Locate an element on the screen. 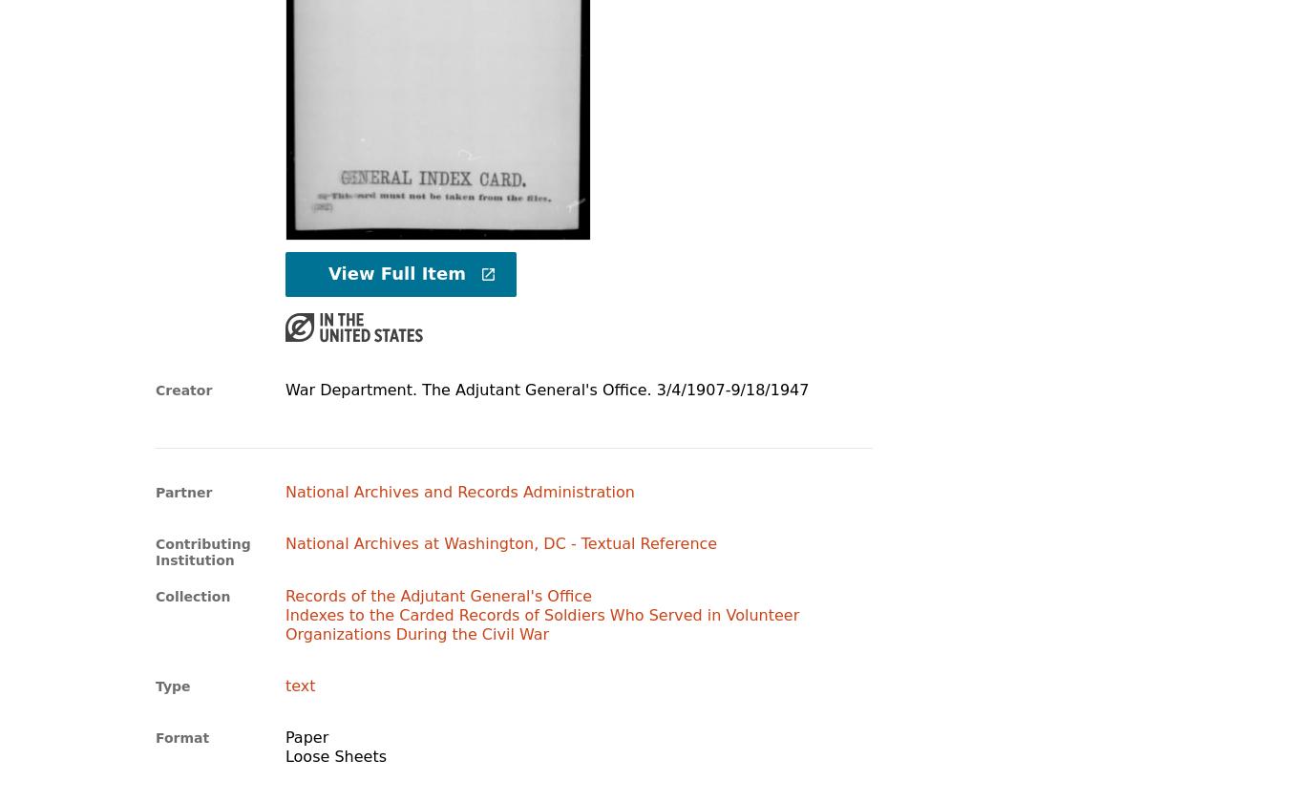  'Records of the Adjutant General's Office' is located at coordinates (437, 595).